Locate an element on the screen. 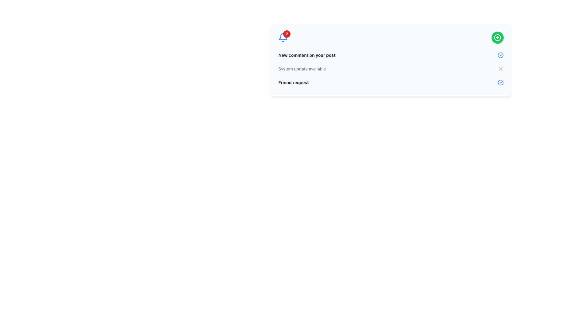 This screenshot has width=584, height=328. the notification bell icon located in the notification area, specifically in the lower middle area of the bell shape is located at coordinates (283, 36).